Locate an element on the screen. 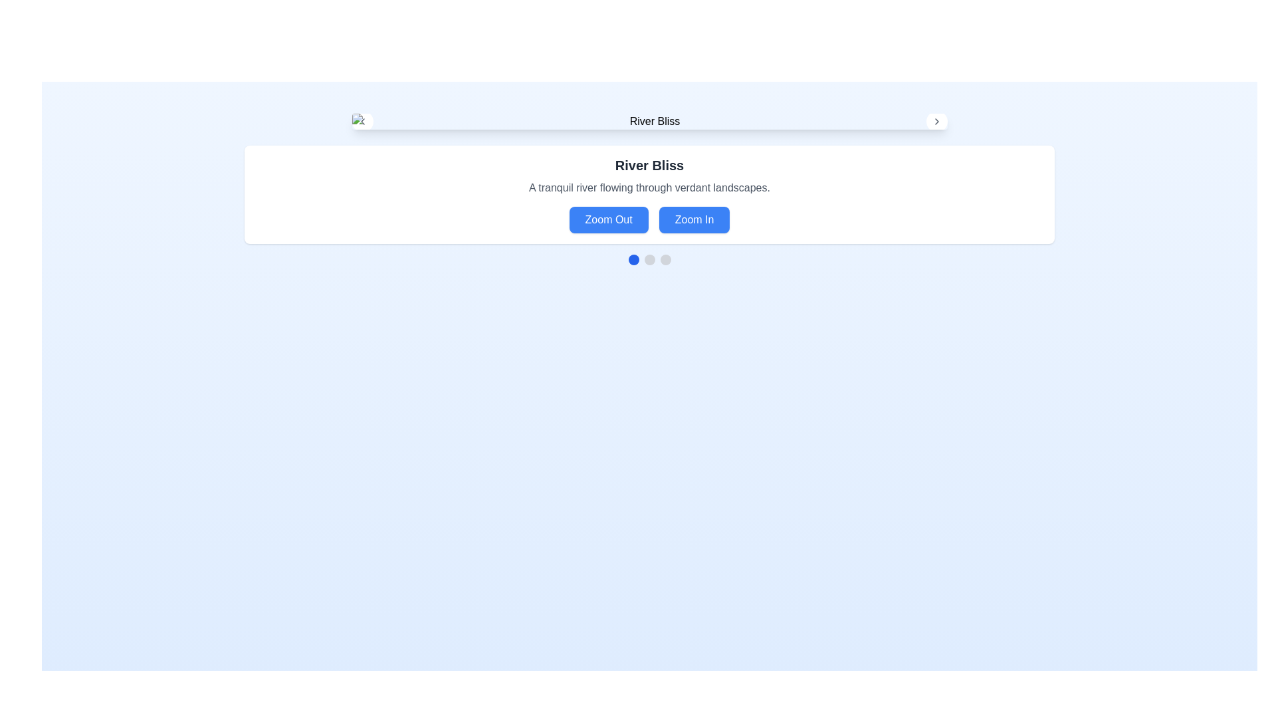 Image resolution: width=1276 pixels, height=718 pixels. the third circular navigation indicator with a light gray background located below the 'River Bliss' section is located at coordinates (665, 259).